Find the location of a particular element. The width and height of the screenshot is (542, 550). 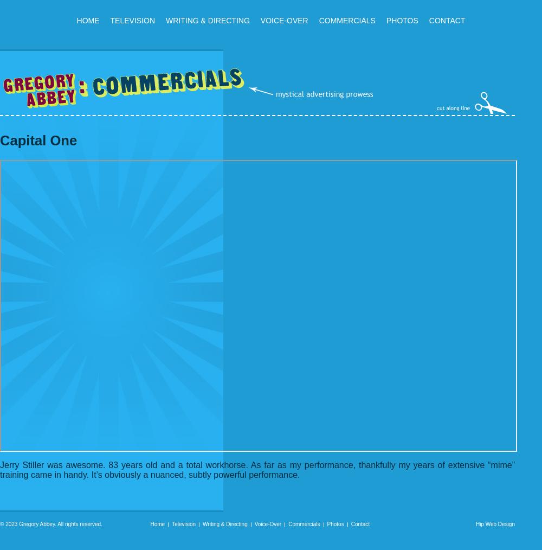

'Commercials' is located at coordinates (347, 20).